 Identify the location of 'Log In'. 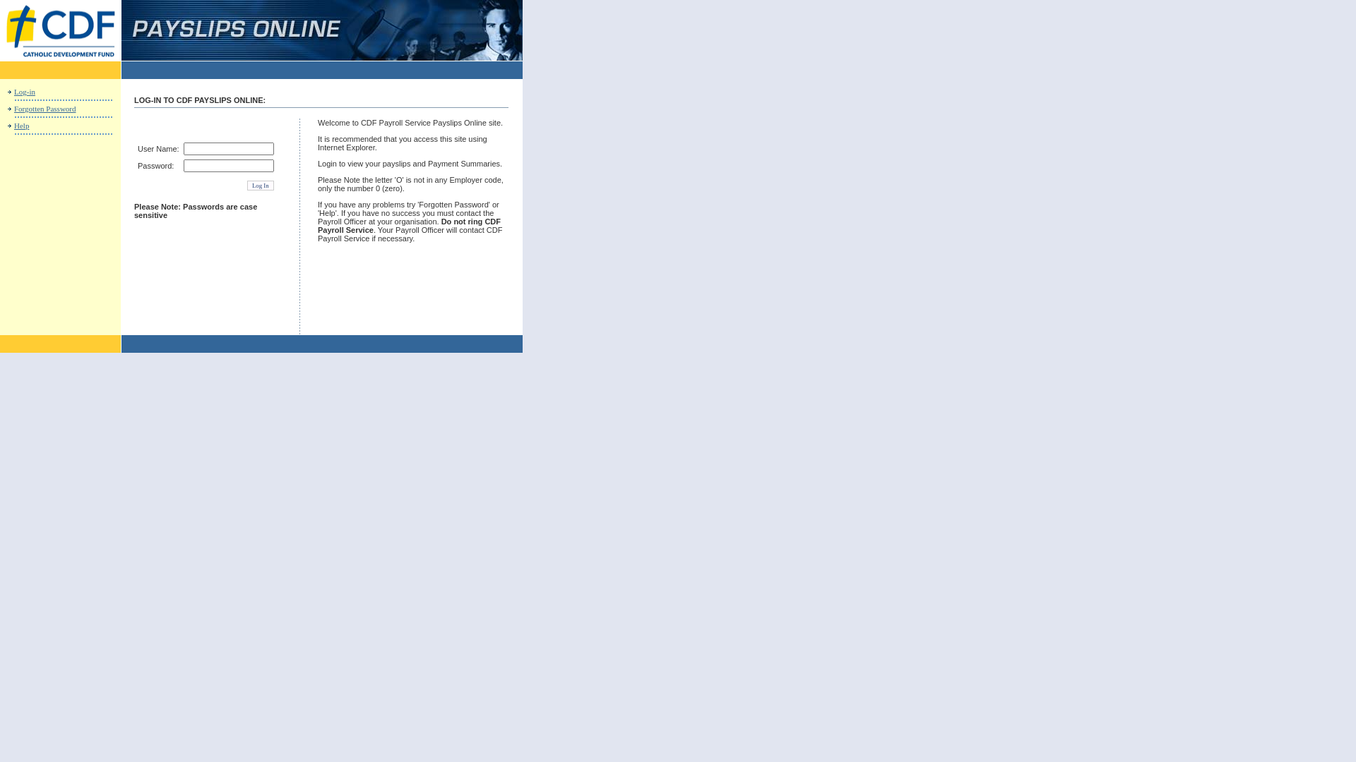
(261, 184).